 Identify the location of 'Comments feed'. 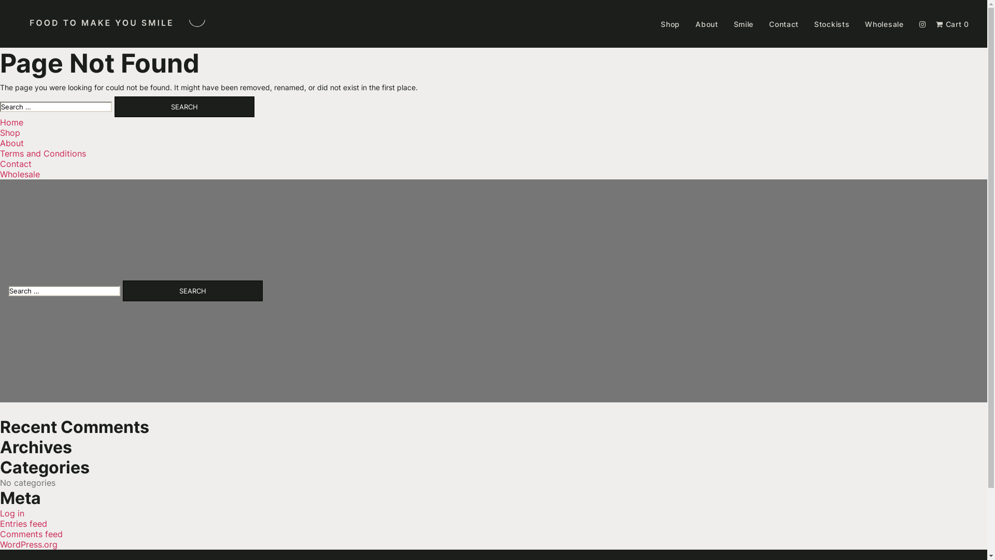
(0, 534).